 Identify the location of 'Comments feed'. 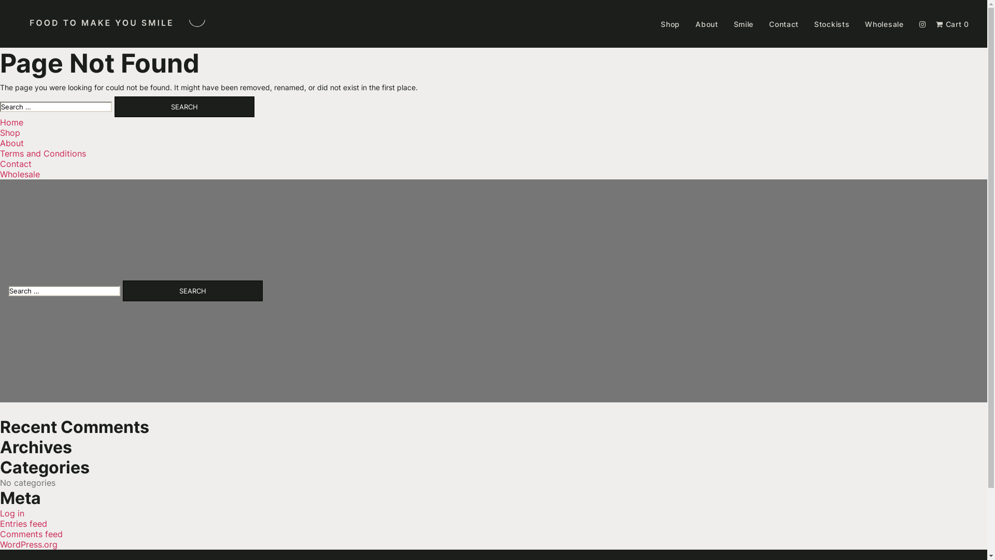
(0, 534).